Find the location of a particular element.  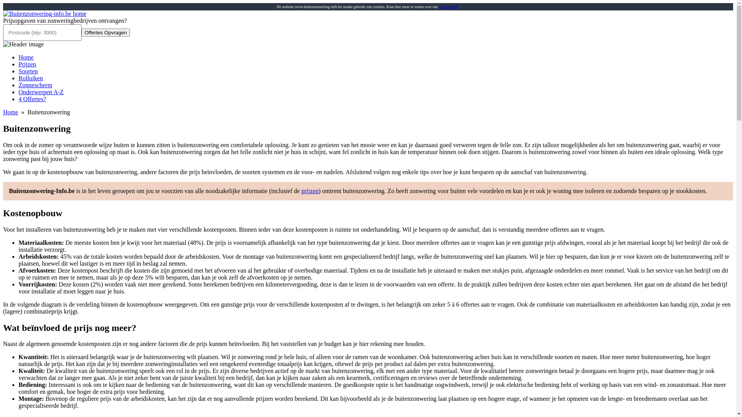

'Offertes Opvragen' is located at coordinates (105, 32).